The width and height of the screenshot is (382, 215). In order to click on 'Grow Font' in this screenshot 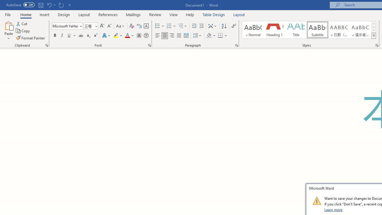, I will do `click(102, 26)`.